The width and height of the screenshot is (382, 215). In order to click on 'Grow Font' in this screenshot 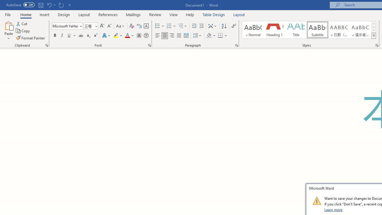, I will do `click(102, 26)`.